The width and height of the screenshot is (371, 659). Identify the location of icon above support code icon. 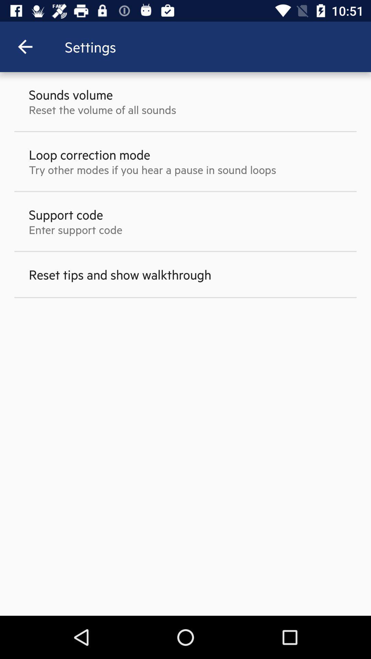
(152, 170).